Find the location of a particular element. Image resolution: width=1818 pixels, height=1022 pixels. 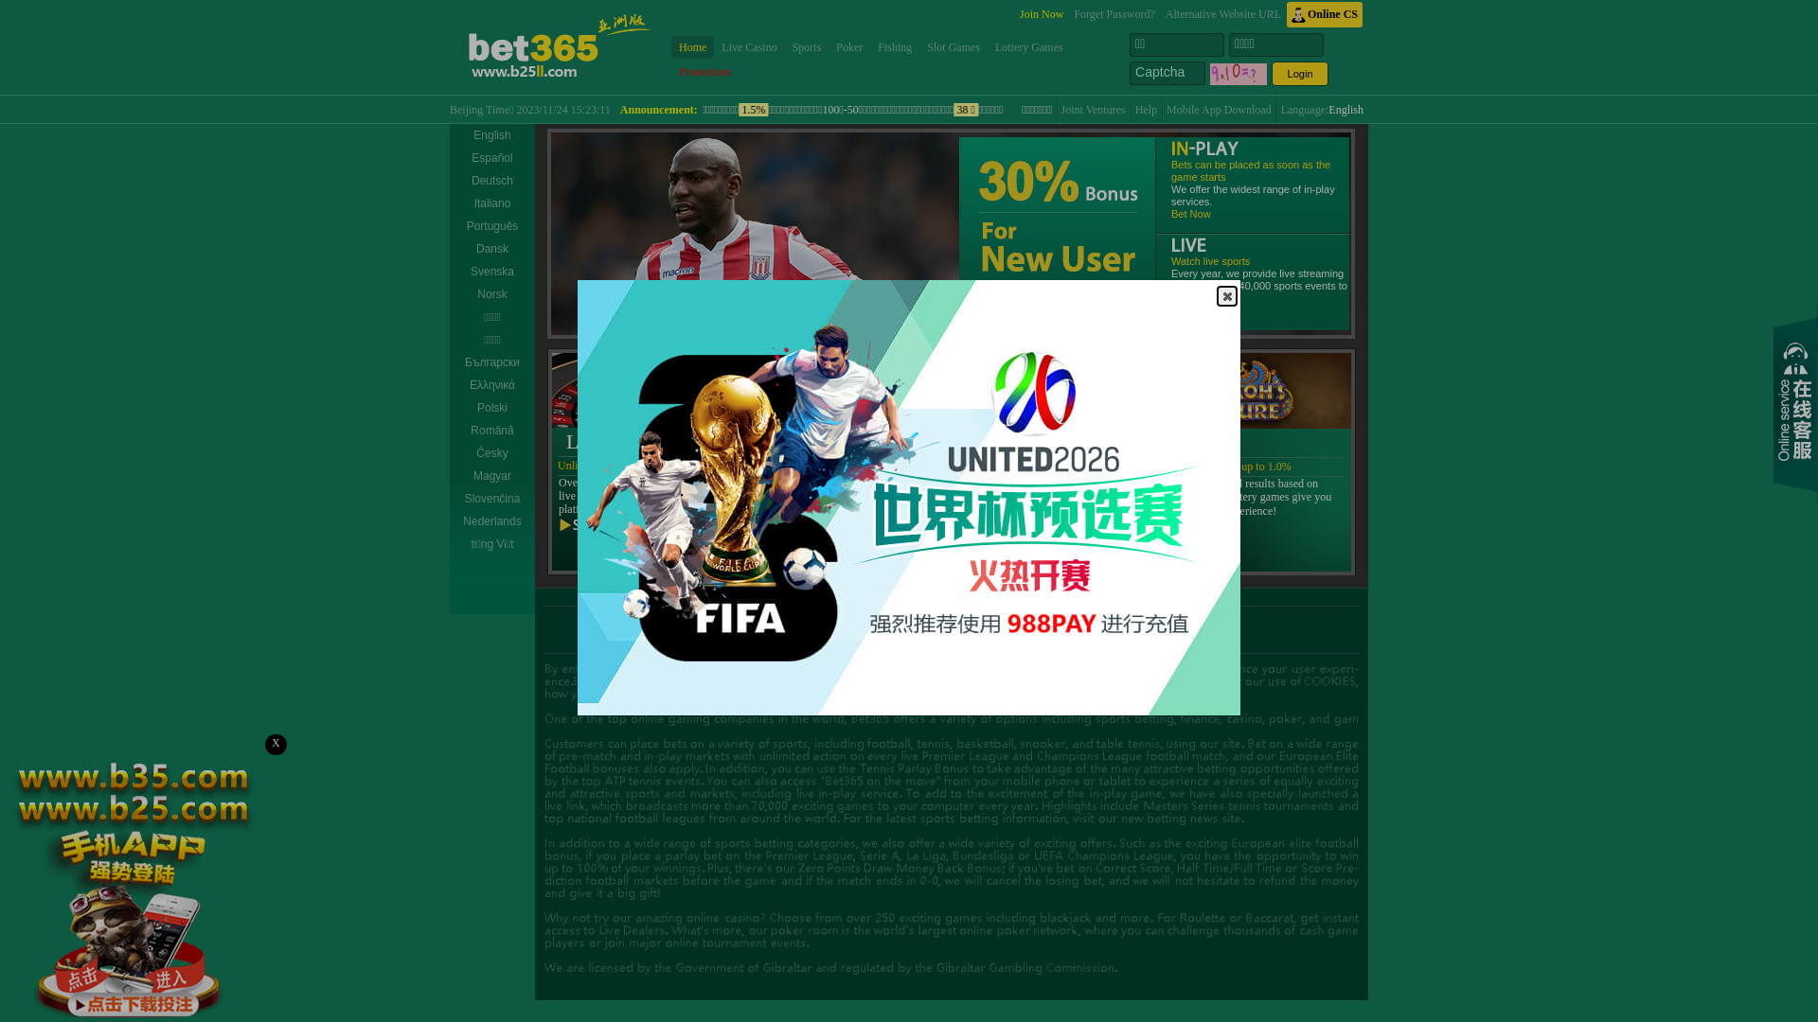

'Home' is located at coordinates (691, 46).